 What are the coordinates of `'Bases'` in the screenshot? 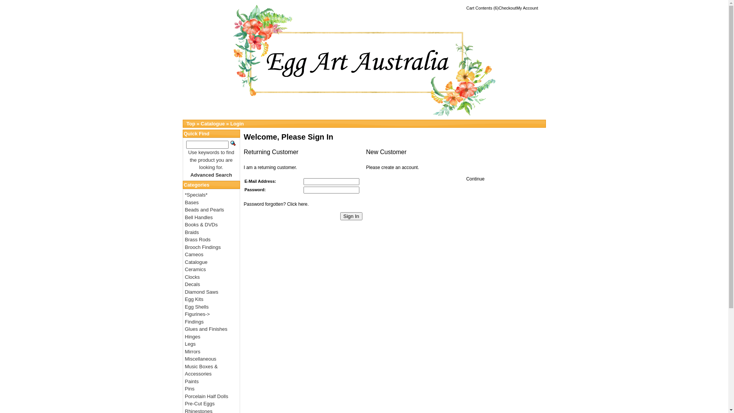 It's located at (192, 202).